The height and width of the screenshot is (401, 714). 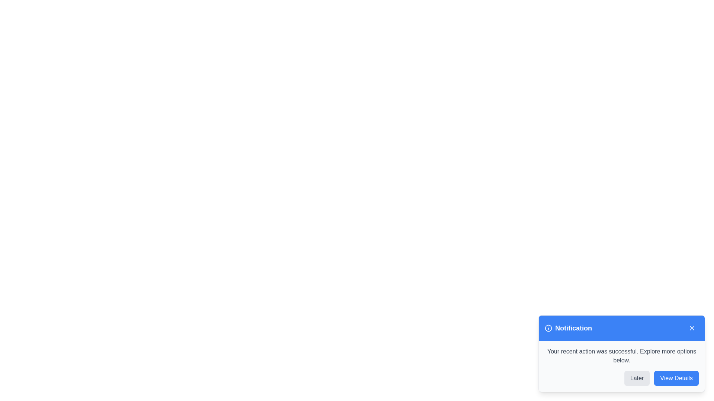 I want to click on the circular close button with a cross ('X') icon located in the top-right corner of the notification panel, so click(x=692, y=327).